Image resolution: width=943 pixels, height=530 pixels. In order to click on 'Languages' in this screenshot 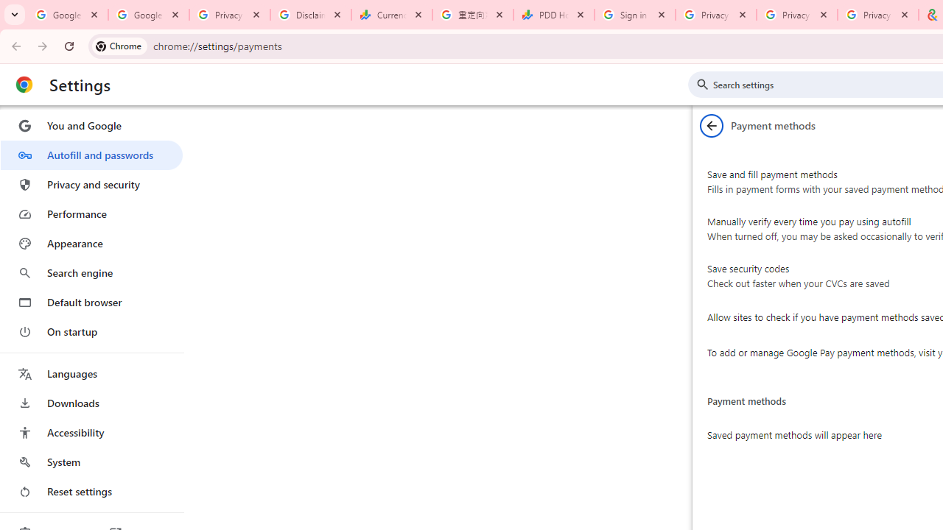, I will do `click(91, 372)`.